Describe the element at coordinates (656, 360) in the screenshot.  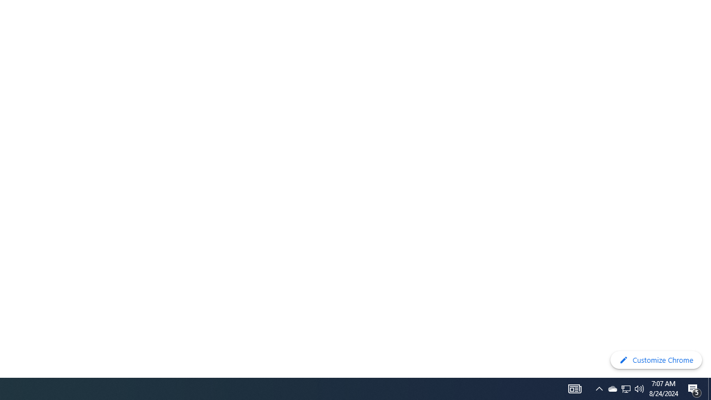
I see `'Customize Chrome'` at that location.